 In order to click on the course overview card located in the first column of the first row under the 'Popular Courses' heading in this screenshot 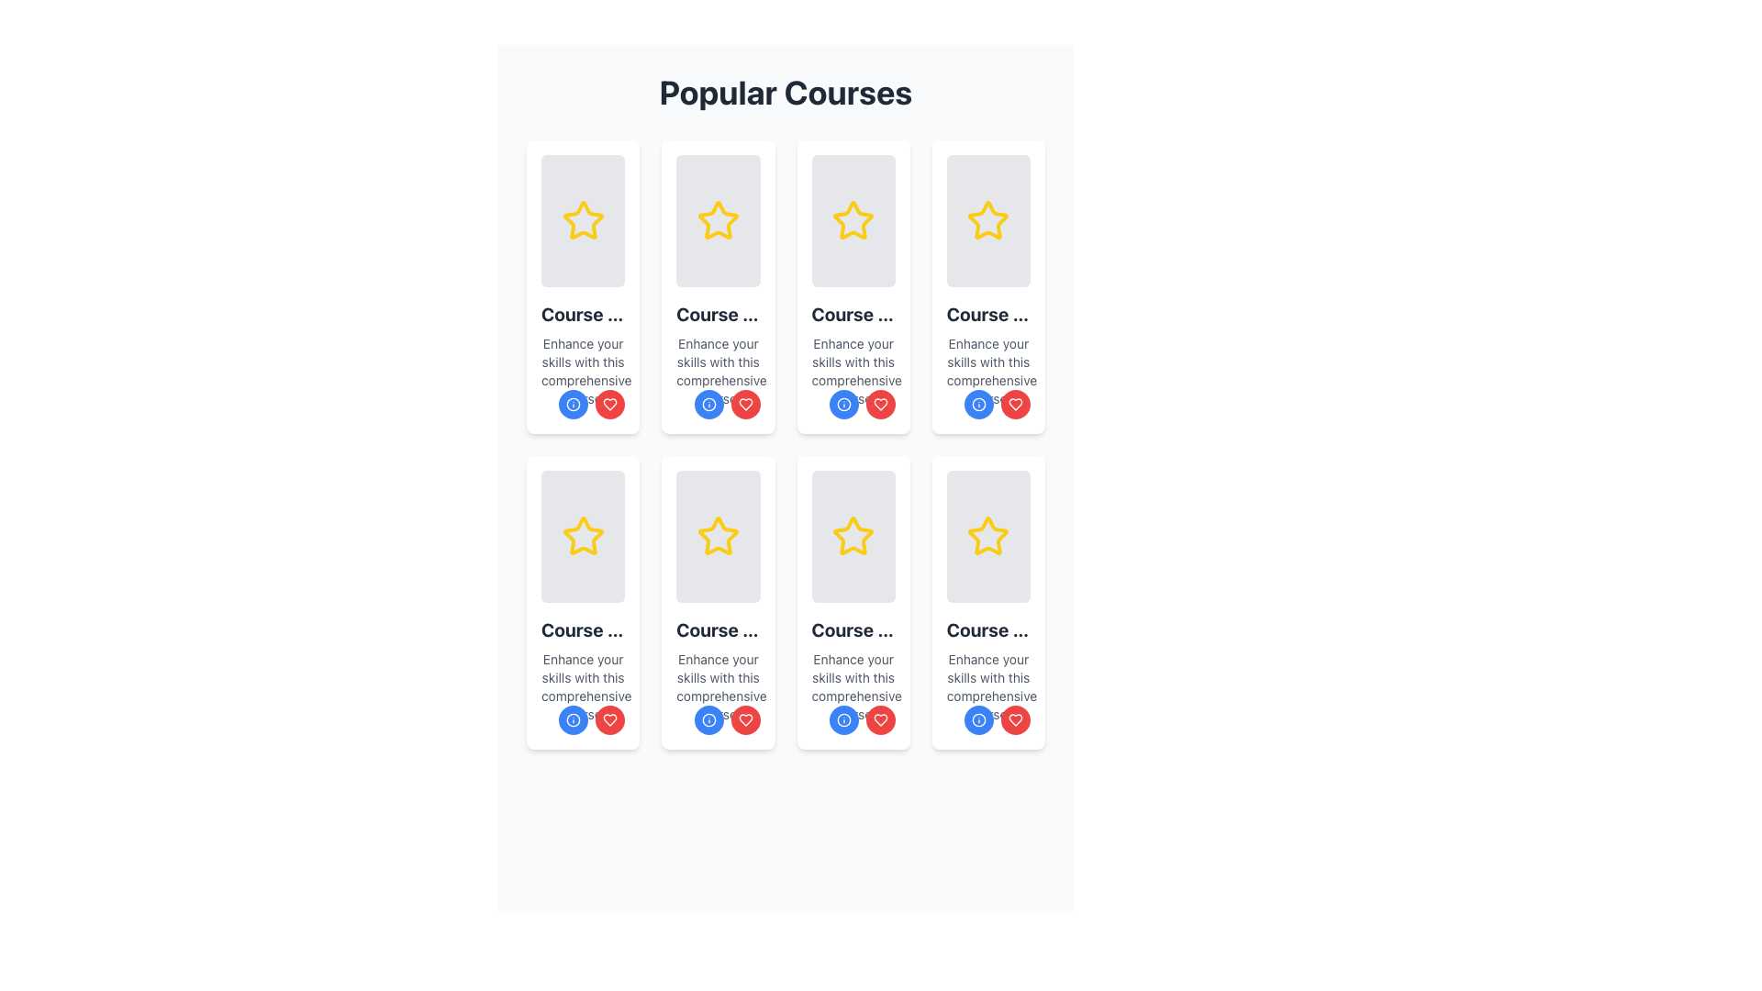, I will do `click(582, 286)`.